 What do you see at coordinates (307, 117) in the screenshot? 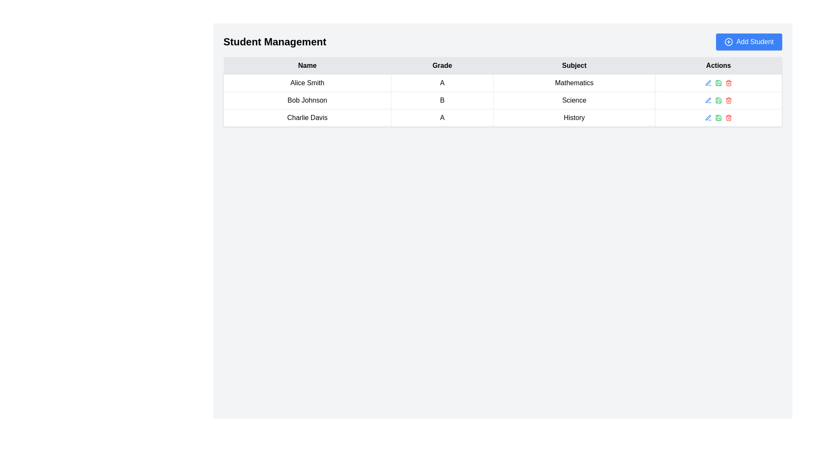
I see `text displayed in the table cell containing 'Charlie Davis', which is located in the third row and first column of the table, under 'Bob Johnson'` at bounding box center [307, 117].